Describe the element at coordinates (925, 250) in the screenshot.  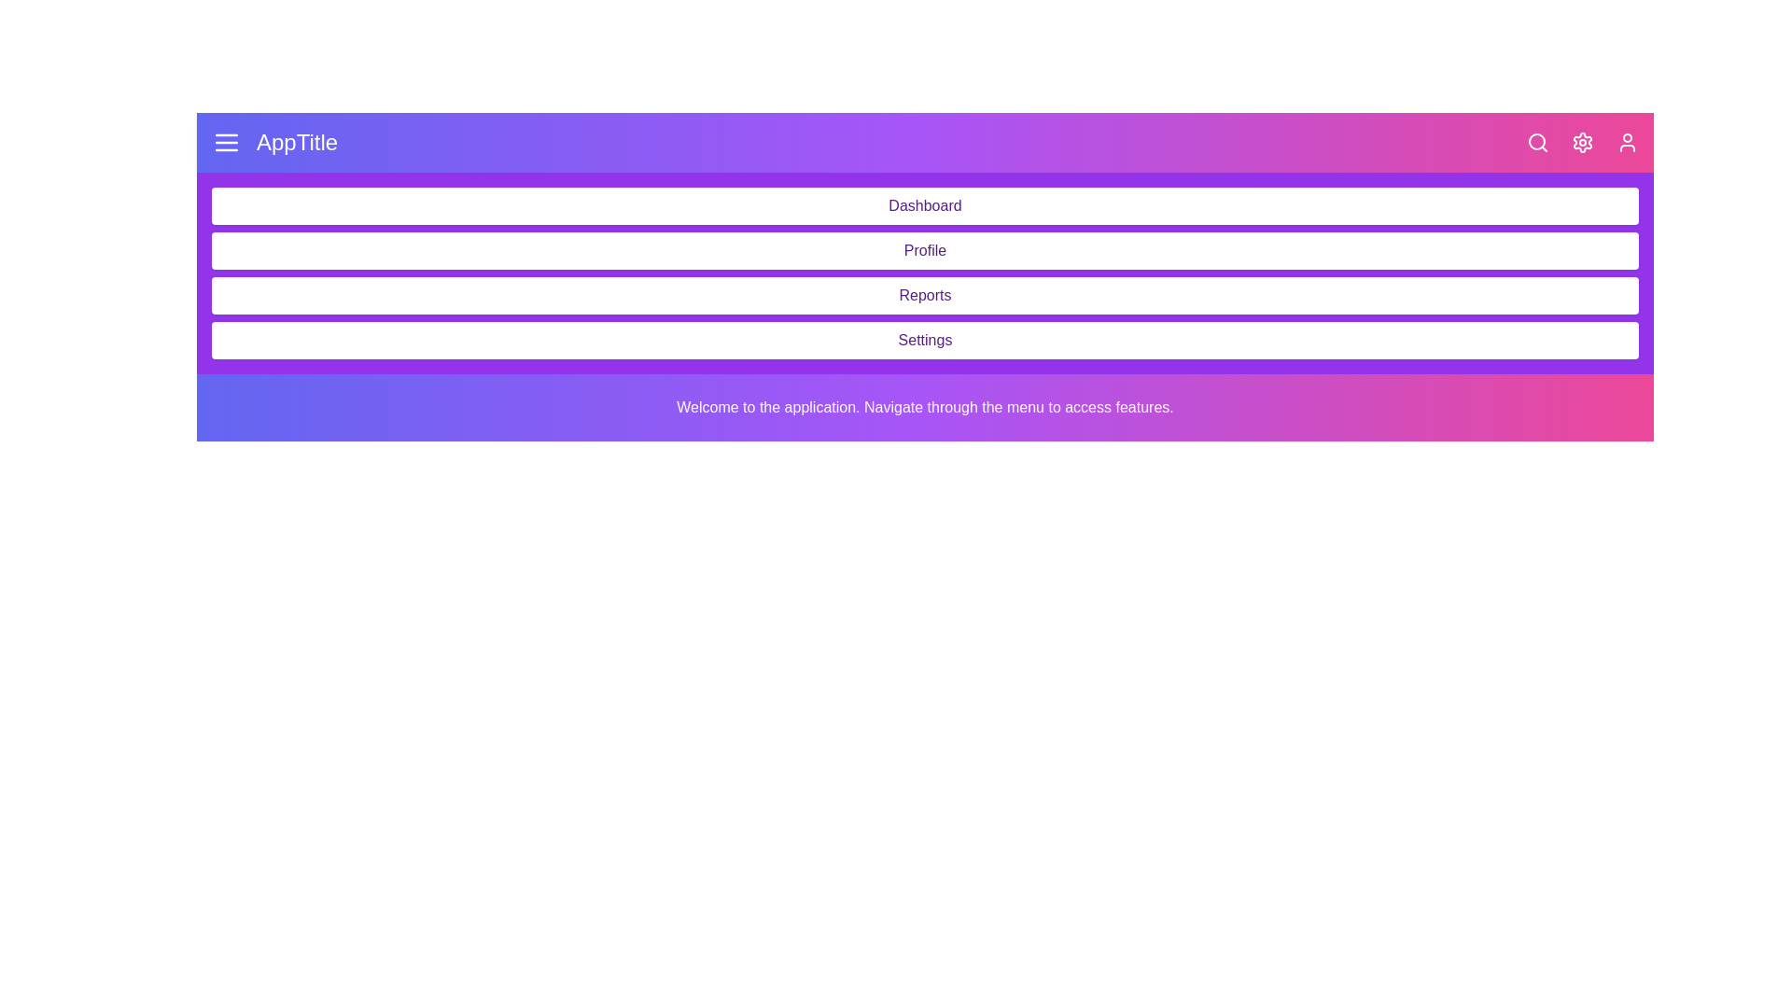
I see `the menu item 'Profile' from the navigation menu` at that location.